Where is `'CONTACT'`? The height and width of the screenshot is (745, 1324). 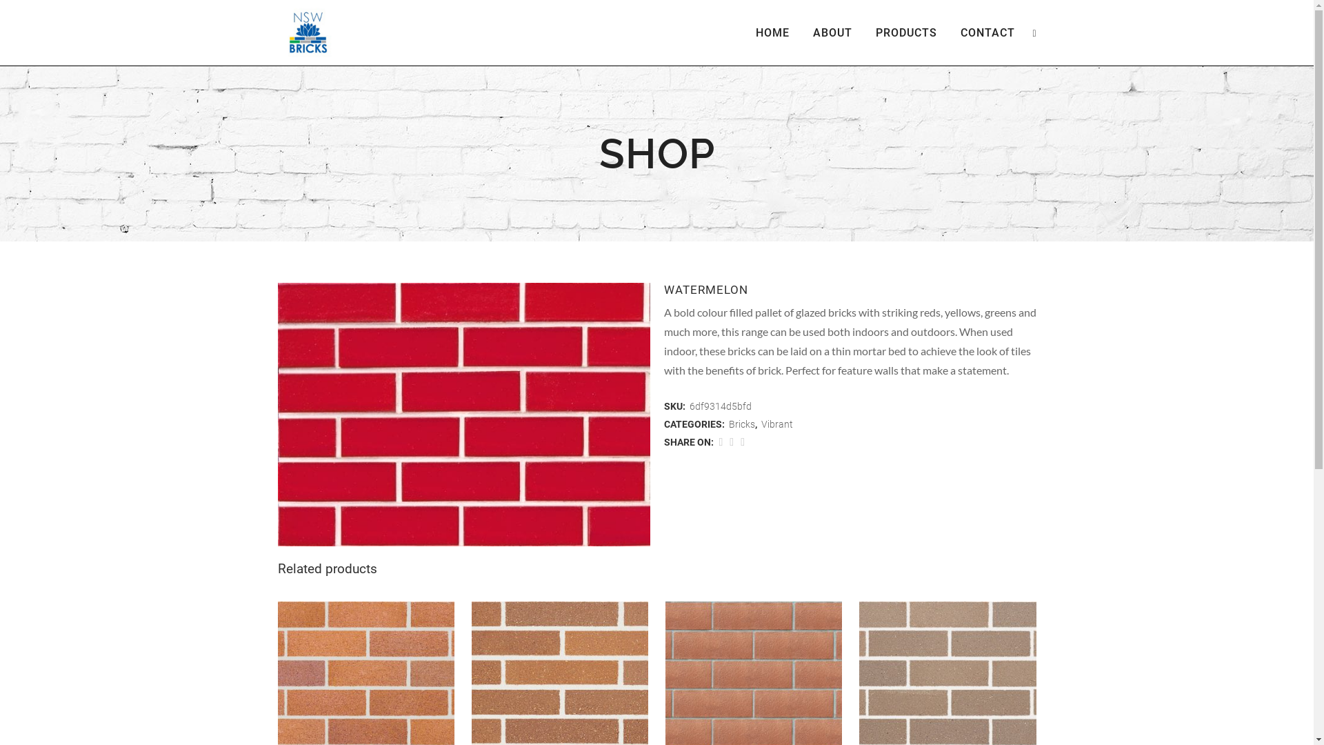
'CONTACT' is located at coordinates (948, 32).